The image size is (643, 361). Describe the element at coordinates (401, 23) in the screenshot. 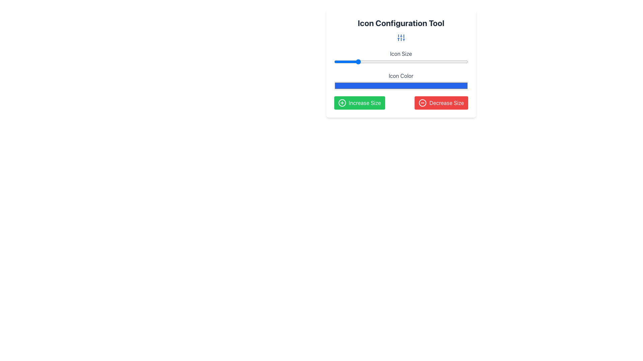

I see `the text label that reads 'Icon Configuration Tool', which is styled in a bold, large, dark gray font at the top of a white rectangular card` at that location.